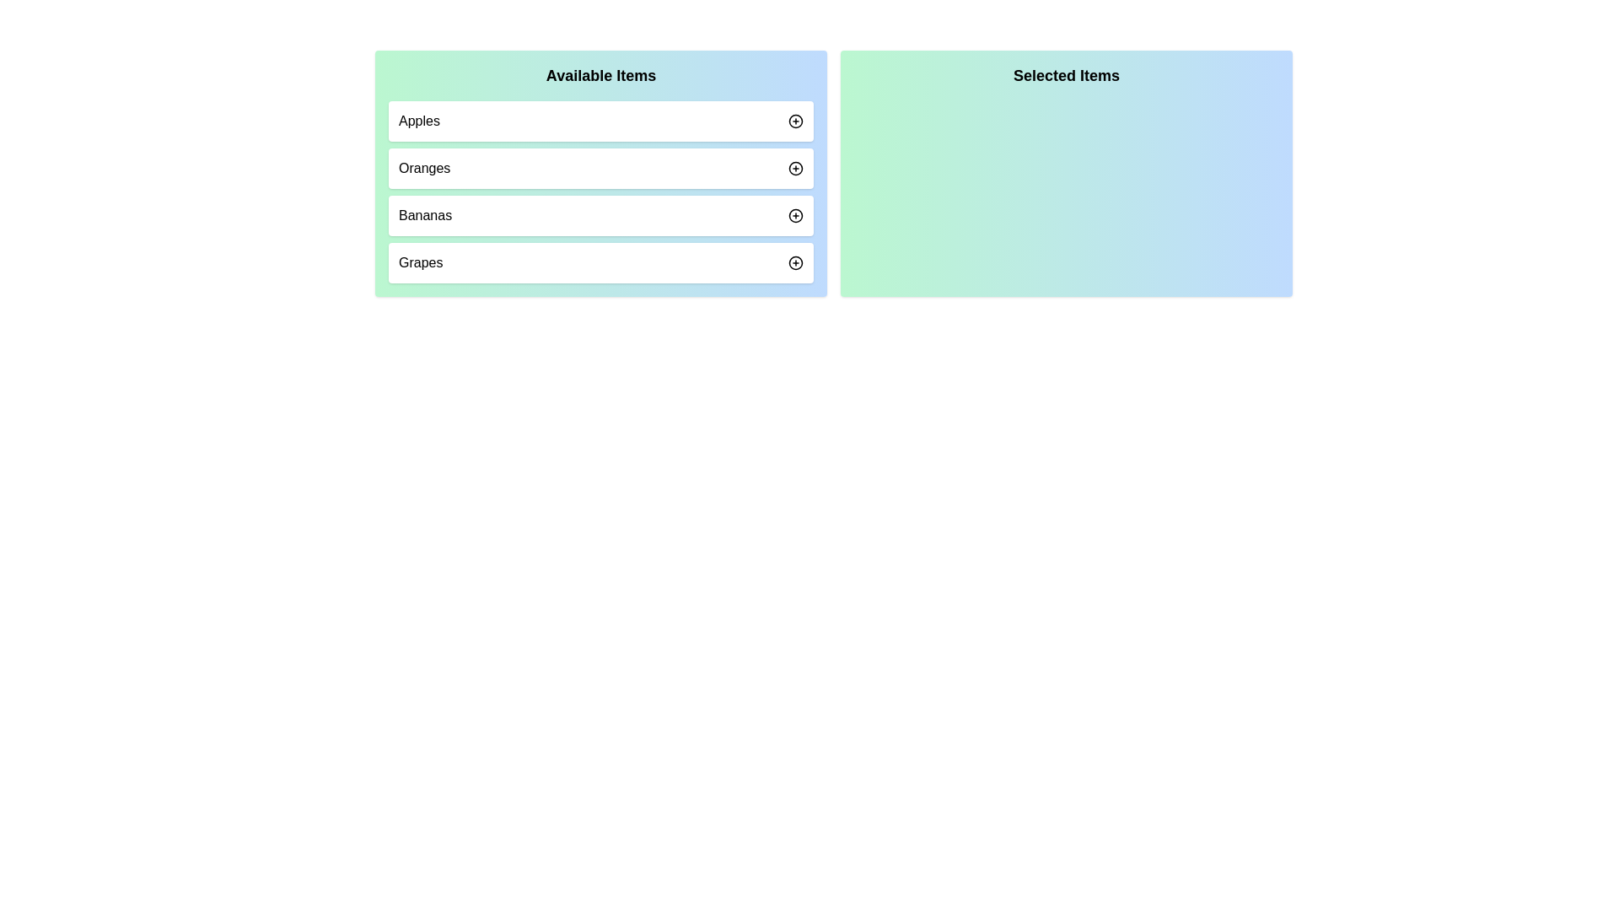  What do you see at coordinates (795, 120) in the screenshot?
I see `'+' button next to Apples in the 'Available Items' list to transfer it to 'Selected Items'` at bounding box center [795, 120].